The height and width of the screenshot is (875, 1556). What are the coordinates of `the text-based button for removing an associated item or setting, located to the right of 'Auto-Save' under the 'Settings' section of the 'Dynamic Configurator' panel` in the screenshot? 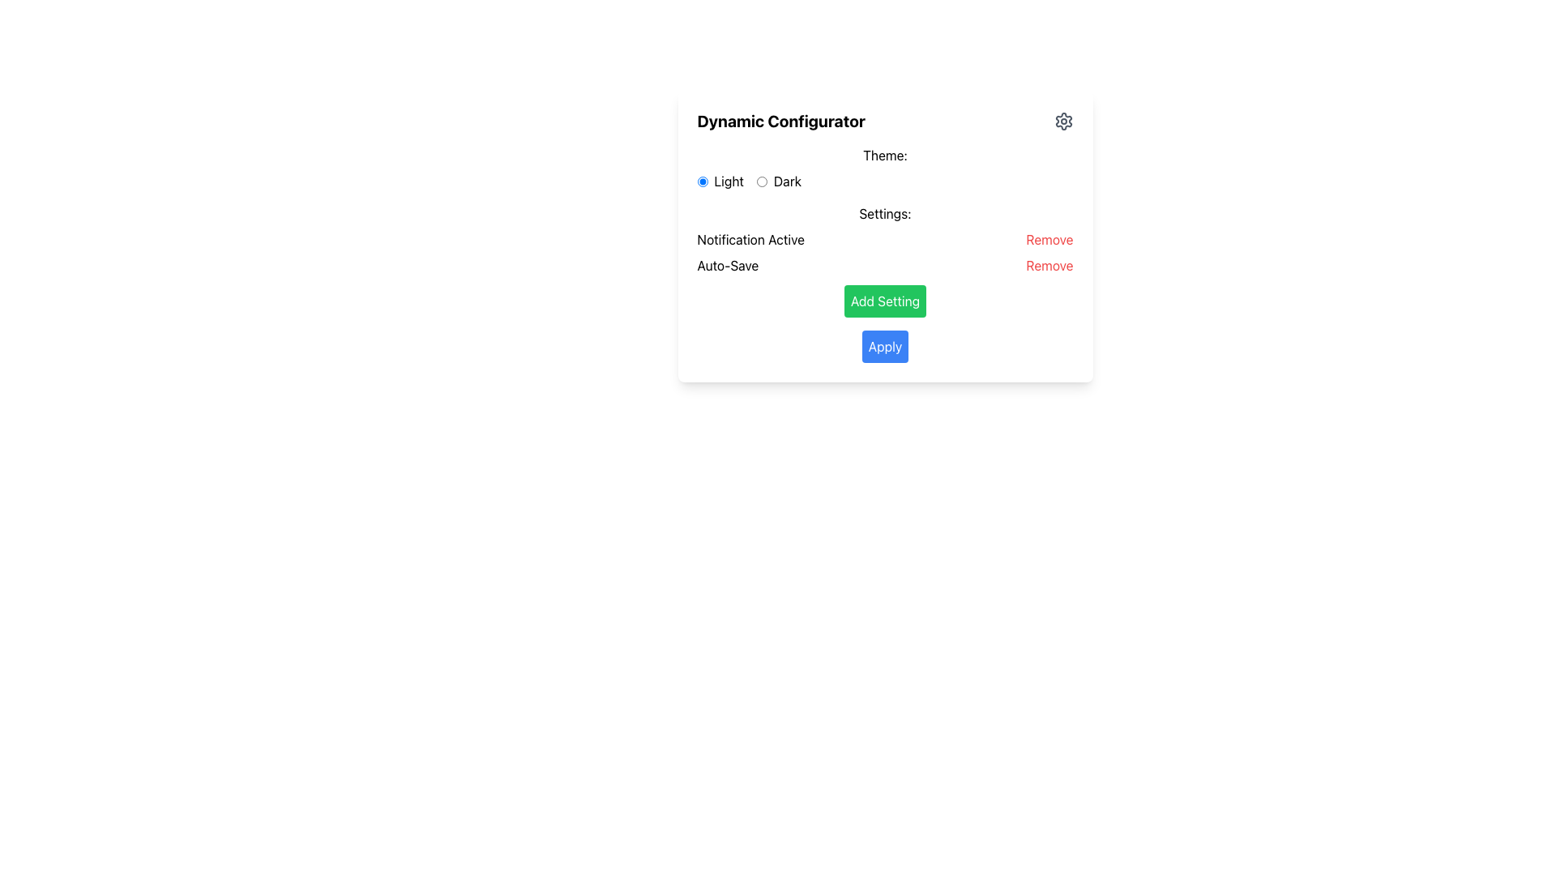 It's located at (1049, 264).